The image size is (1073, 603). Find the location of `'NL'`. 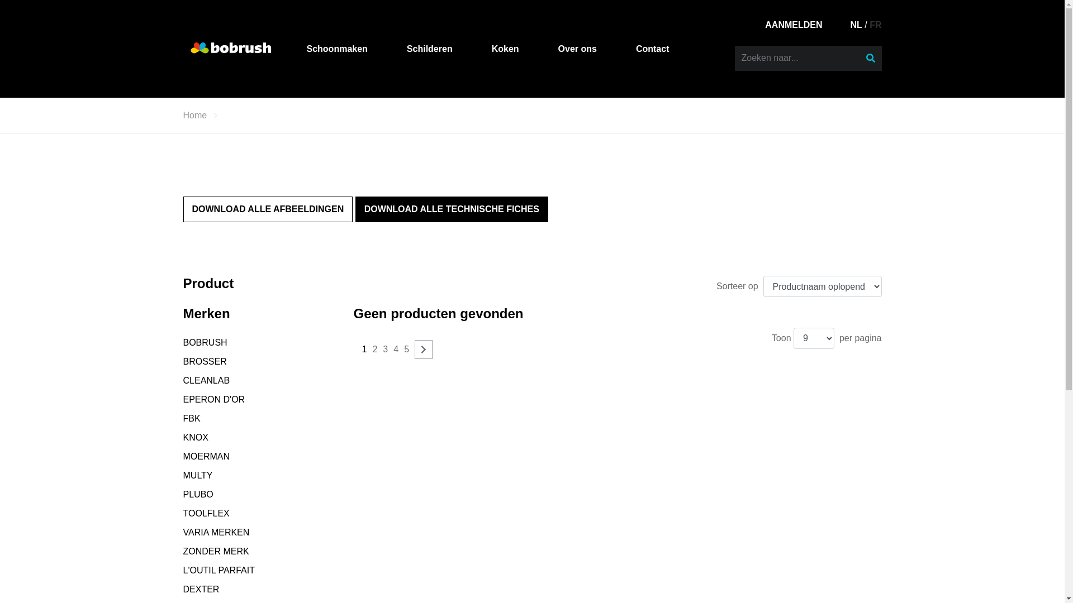

'NL' is located at coordinates (849, 25).